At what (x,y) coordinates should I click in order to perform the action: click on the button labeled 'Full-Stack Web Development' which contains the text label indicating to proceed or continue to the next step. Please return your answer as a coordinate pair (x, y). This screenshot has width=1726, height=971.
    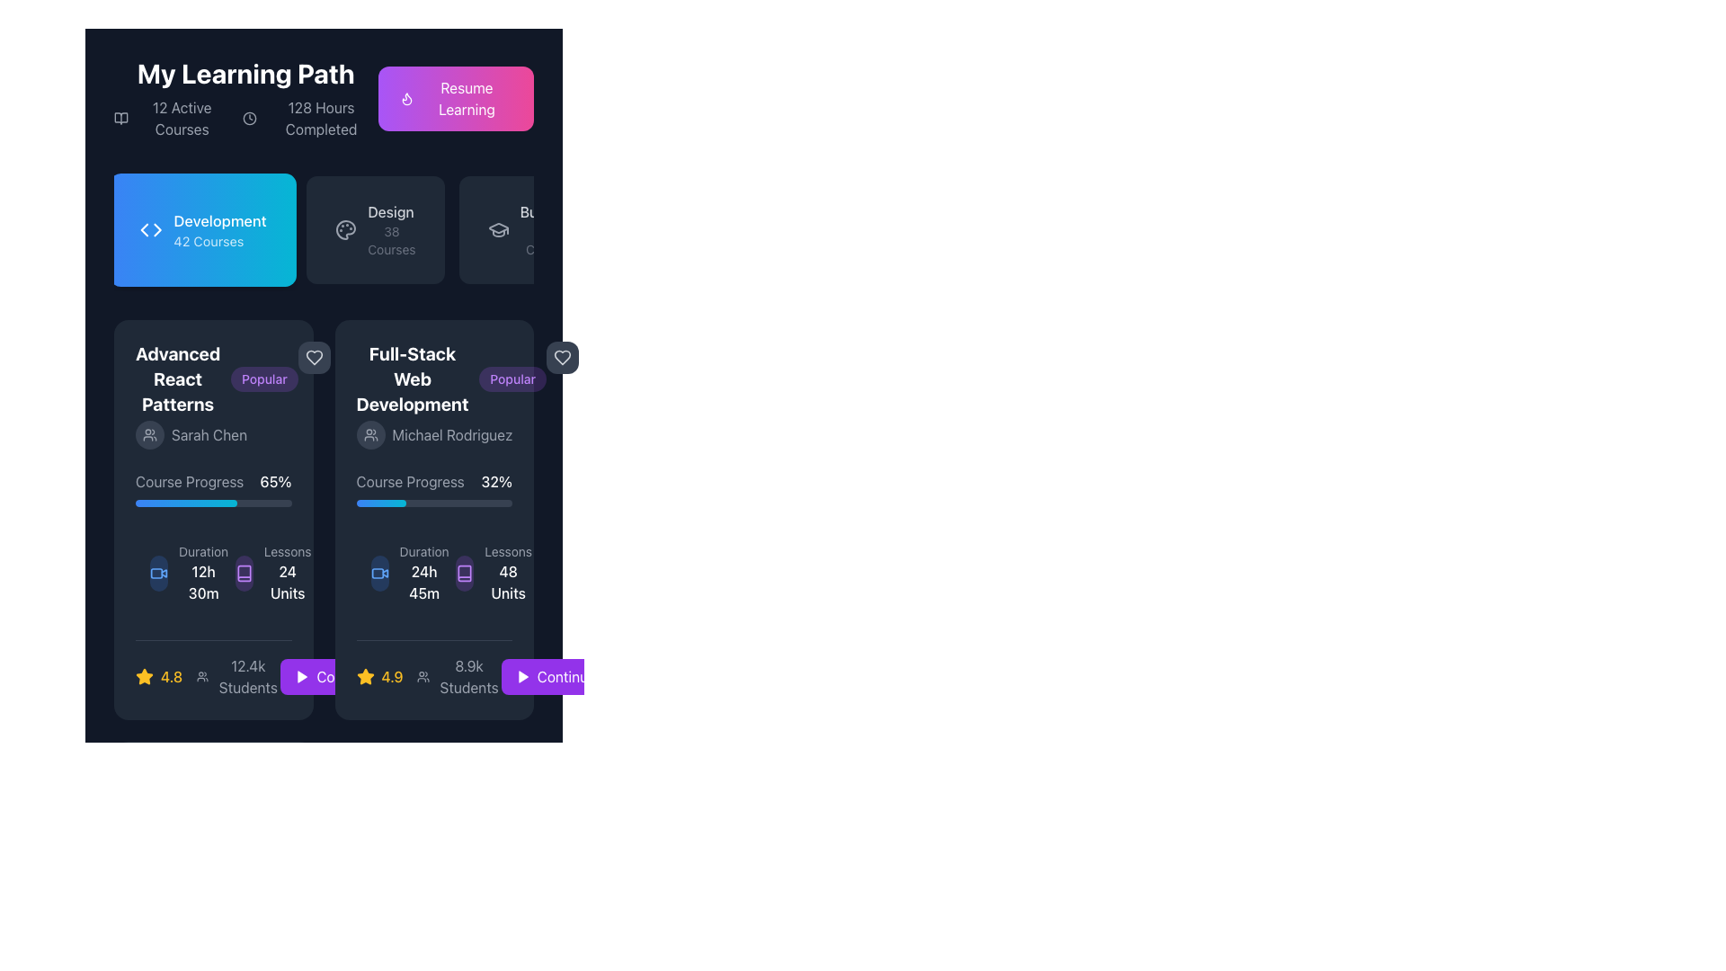
    Looking at the image, I should click on (565, 676).